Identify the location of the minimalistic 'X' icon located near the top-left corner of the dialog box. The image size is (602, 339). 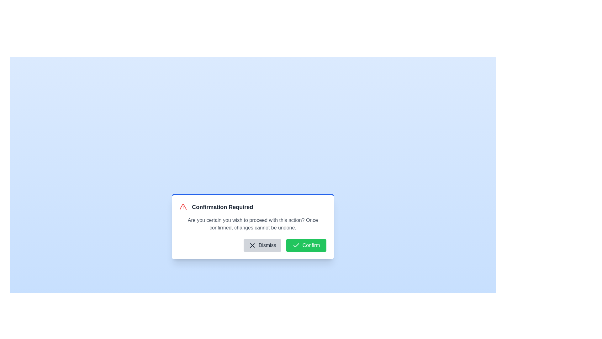
(252, 245).